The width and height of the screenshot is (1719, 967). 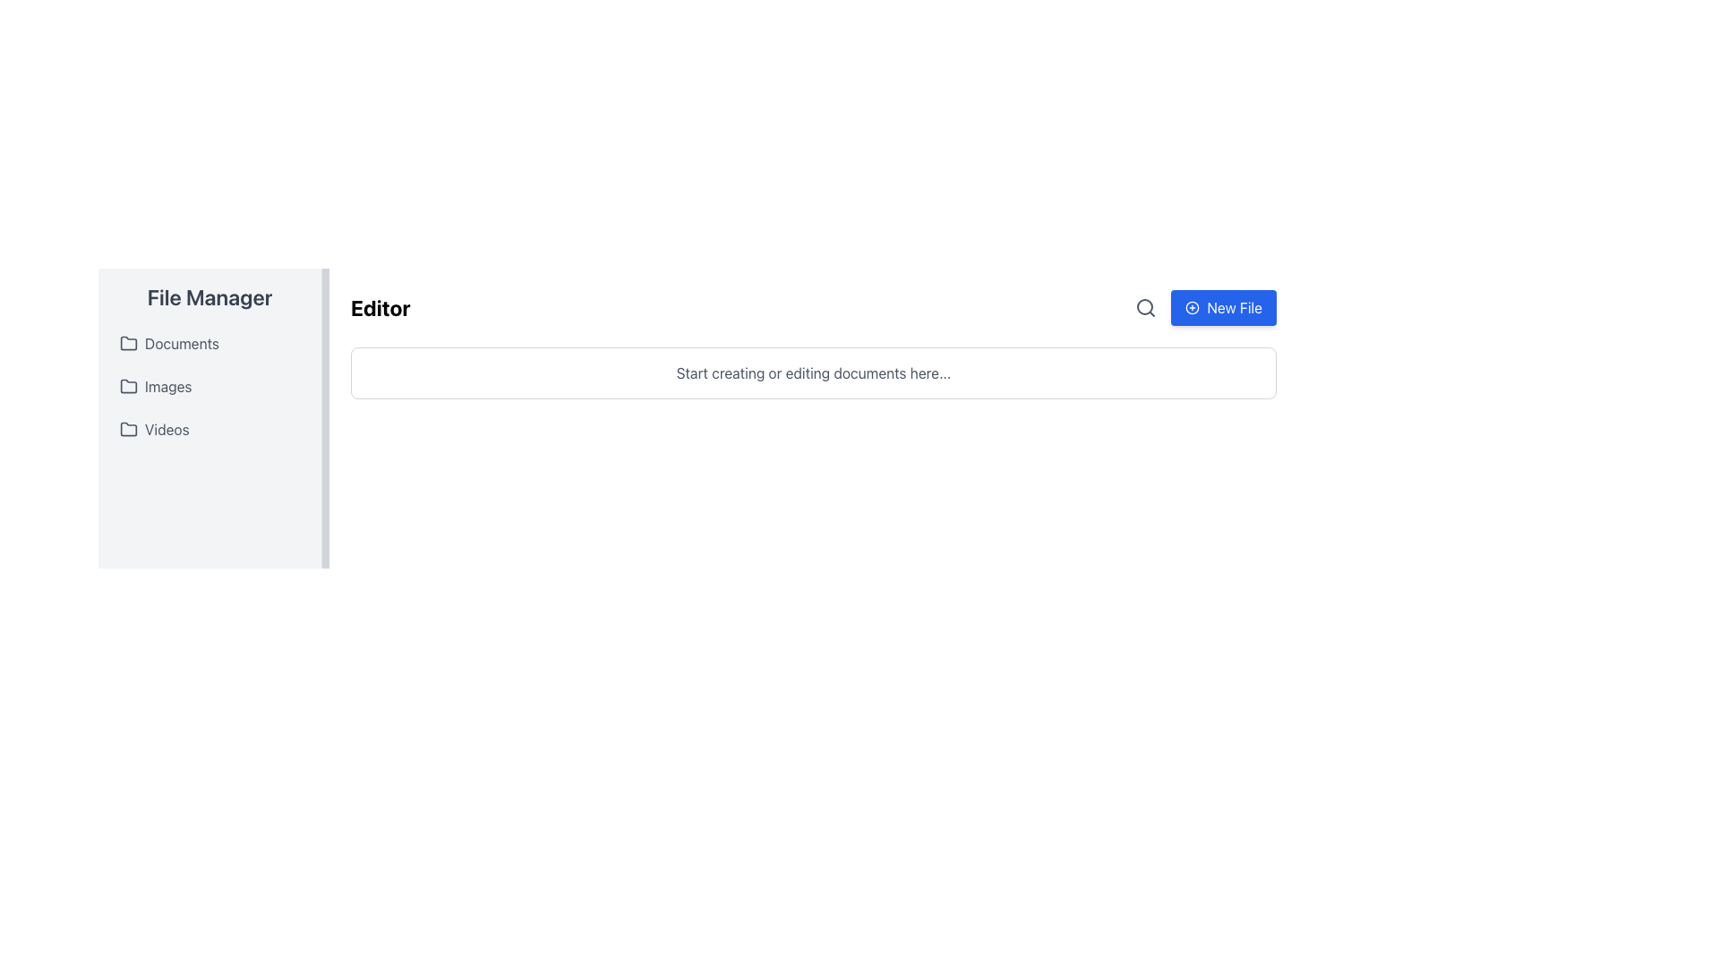 What do you see at coordinates (812, 372) in the screenshot?
I see `the Text Block located below the header area containing 'Editor' and 'New File', which serves as a prompt for document creation or editing` at bounding box center [812, 372].